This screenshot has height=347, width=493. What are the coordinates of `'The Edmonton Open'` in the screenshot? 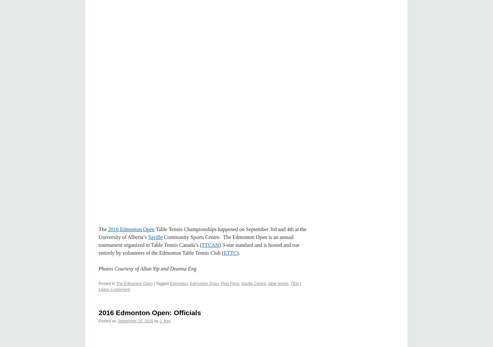 It's located at (134, 283).